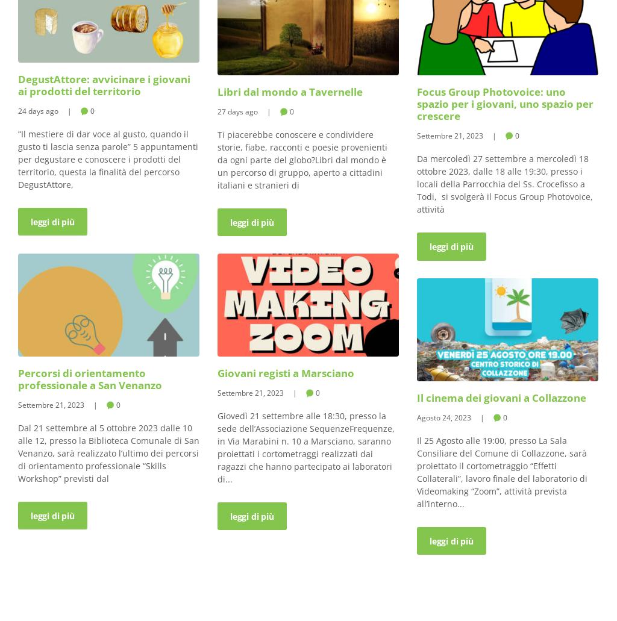 This screenshot has width=617, height=621. I want to click on 'Da mercoledì 27 settembre a mercoledì 18 ottobre 2023, dalle 18 alle 19:30, presso i locali della Parrocchia del Ss. Crocefisso a Todi,  si svolgerà il Focus Group Photovoice, attività', so click(417, 184).